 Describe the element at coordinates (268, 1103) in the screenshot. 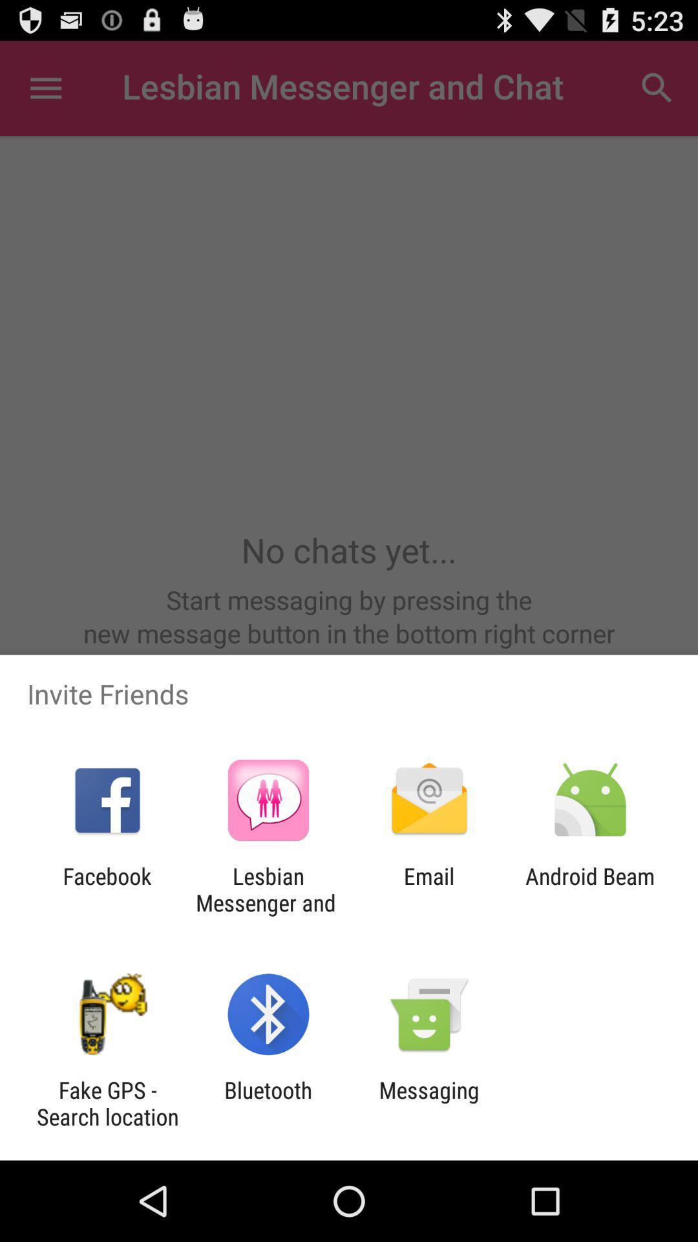

I see `app to the left of the messaging icon` at that location.